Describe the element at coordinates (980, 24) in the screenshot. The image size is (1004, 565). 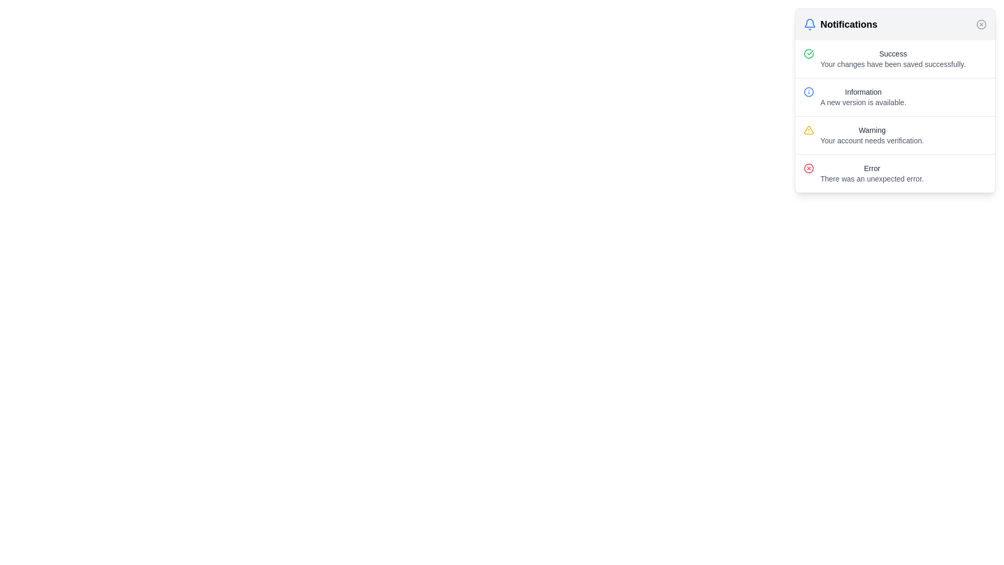
I see `the close button located at the top-right corner of the Notifications panel` at that location.